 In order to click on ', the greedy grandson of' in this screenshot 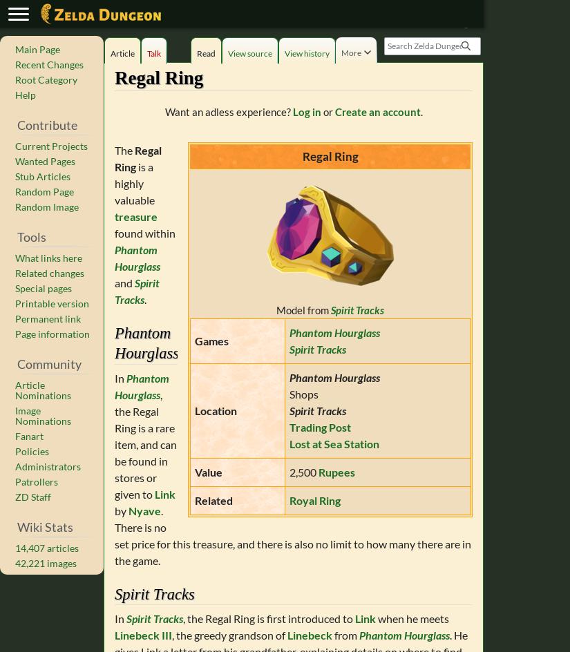, I will do `click(229, 634)`.